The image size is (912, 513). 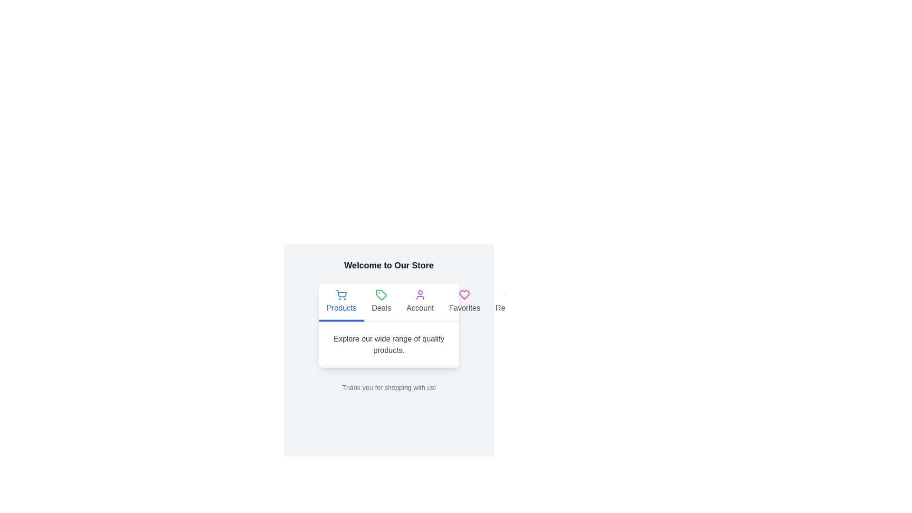 What do you see at coordinates (419, 302) in the screenshot?
I see `the 'Account' button` at bounding box center [419, 302].